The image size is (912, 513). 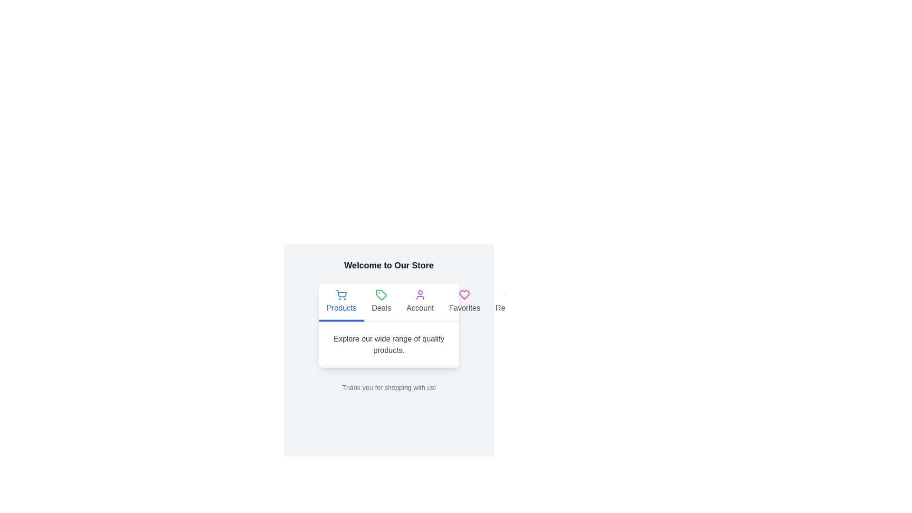 What do you see at coordinates (419, 302) in the screenshot?
I see `the 'Account' button` at bounding box center [419, 302].